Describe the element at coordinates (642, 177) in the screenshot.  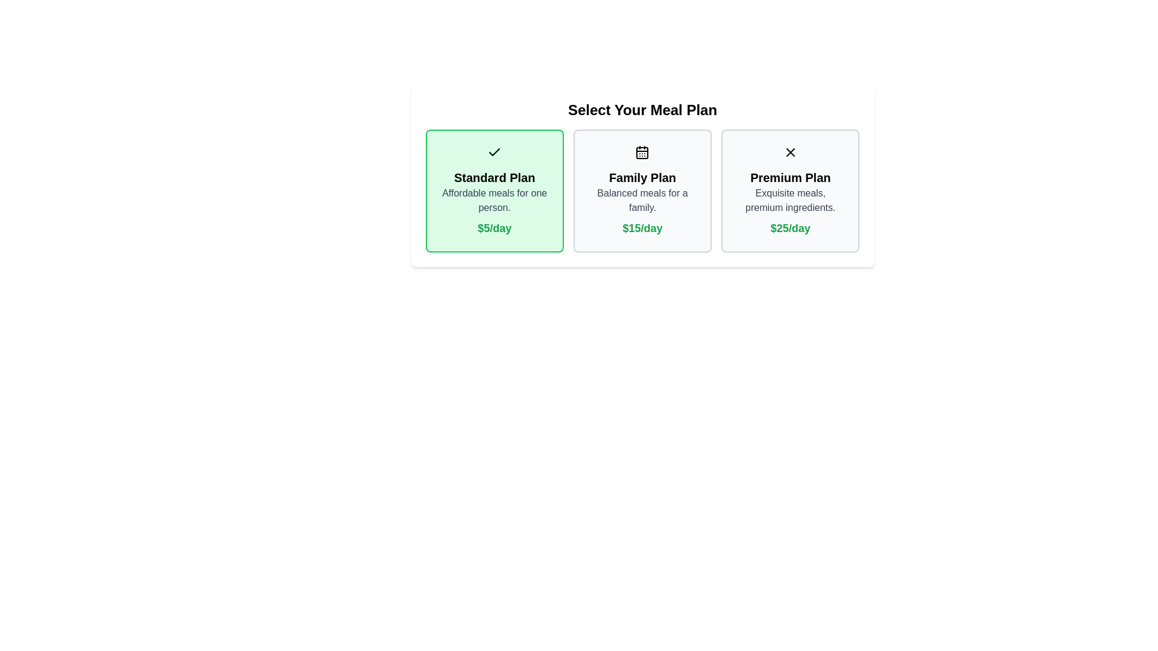
I see `the bold, large text label reading 'Family Plan', which is located in the second card of the three meal plan options, positioned below the calendar icon and above the description 'Balanced meals for a family.'` at that location.